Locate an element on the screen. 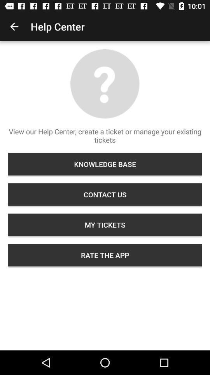 The width and height of the screenshot is (210, 375). item to the left of the help center icon is located at coordinates (14, 27).